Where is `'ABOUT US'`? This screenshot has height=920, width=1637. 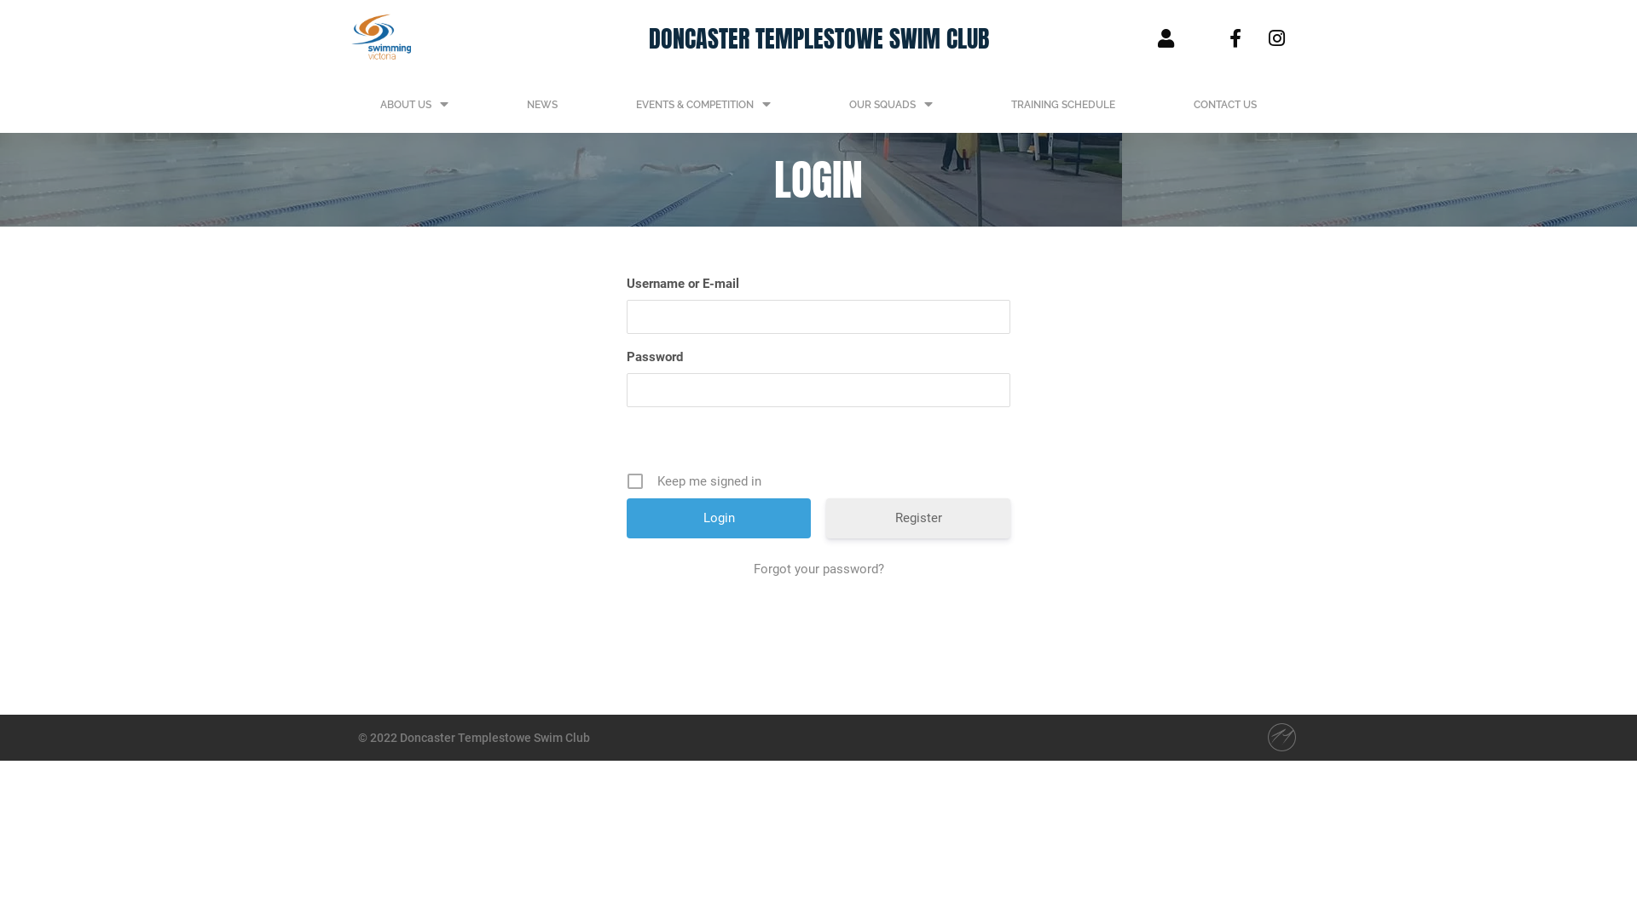 'ABOUT US' is located at coordinates (414, 105).